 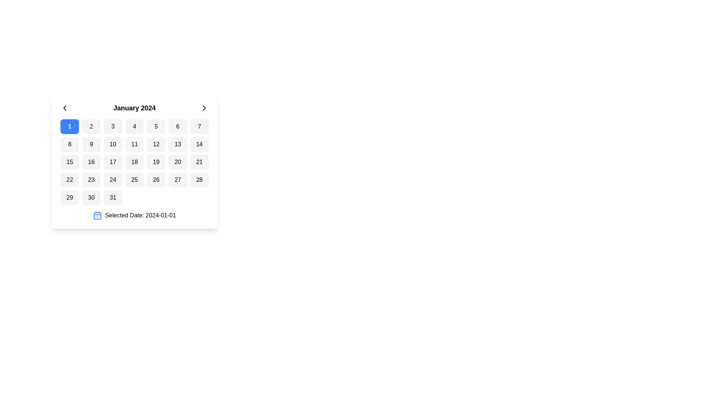 I want to click on the button labeled '20' in the calendar interface, so click(x=177, y=162).